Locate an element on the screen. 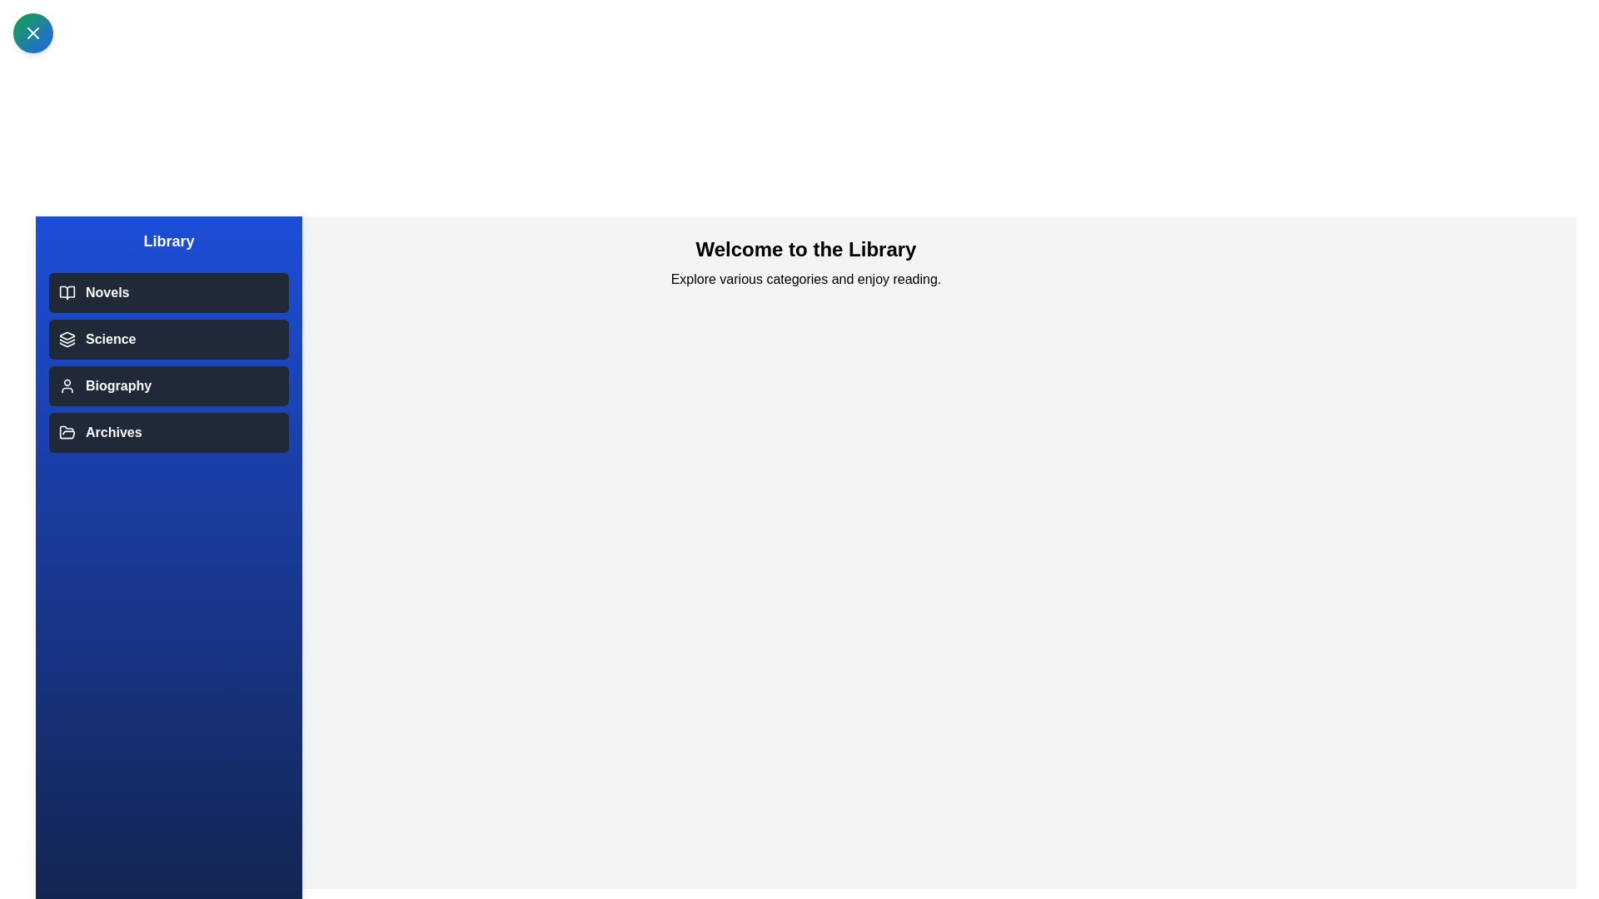  the category Science in the drawer list is located at coordinates (168, 339).